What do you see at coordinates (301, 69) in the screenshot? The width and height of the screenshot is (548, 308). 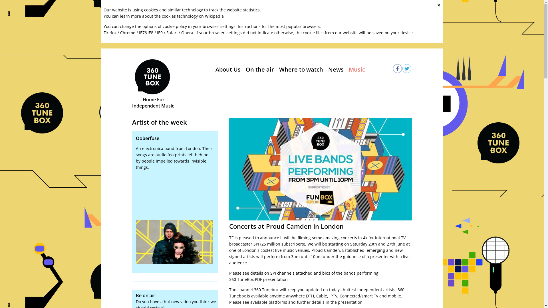 I see `'Where to watch'` at bounding box center [301, 69].